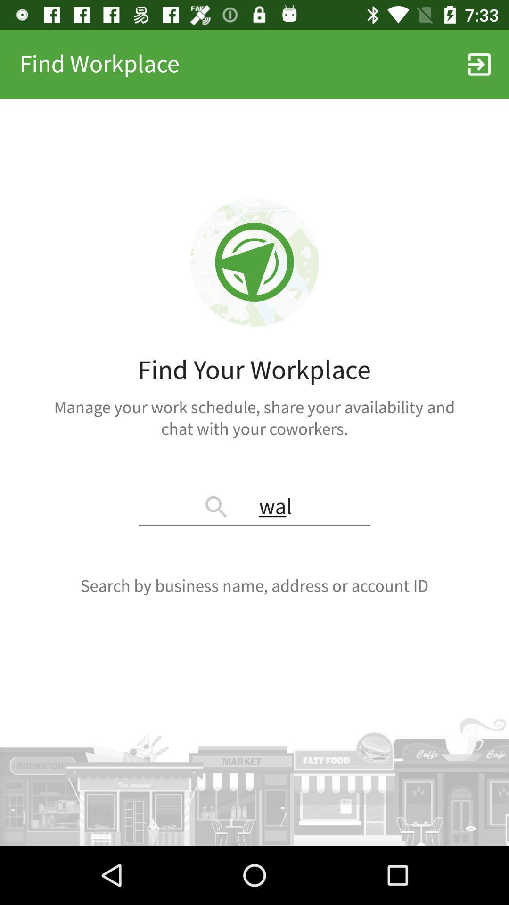 This screenshot has width=509, height=905. Describe the element at coordinates (254, 507) in the screenshot. I see `the wal icon` at that location.